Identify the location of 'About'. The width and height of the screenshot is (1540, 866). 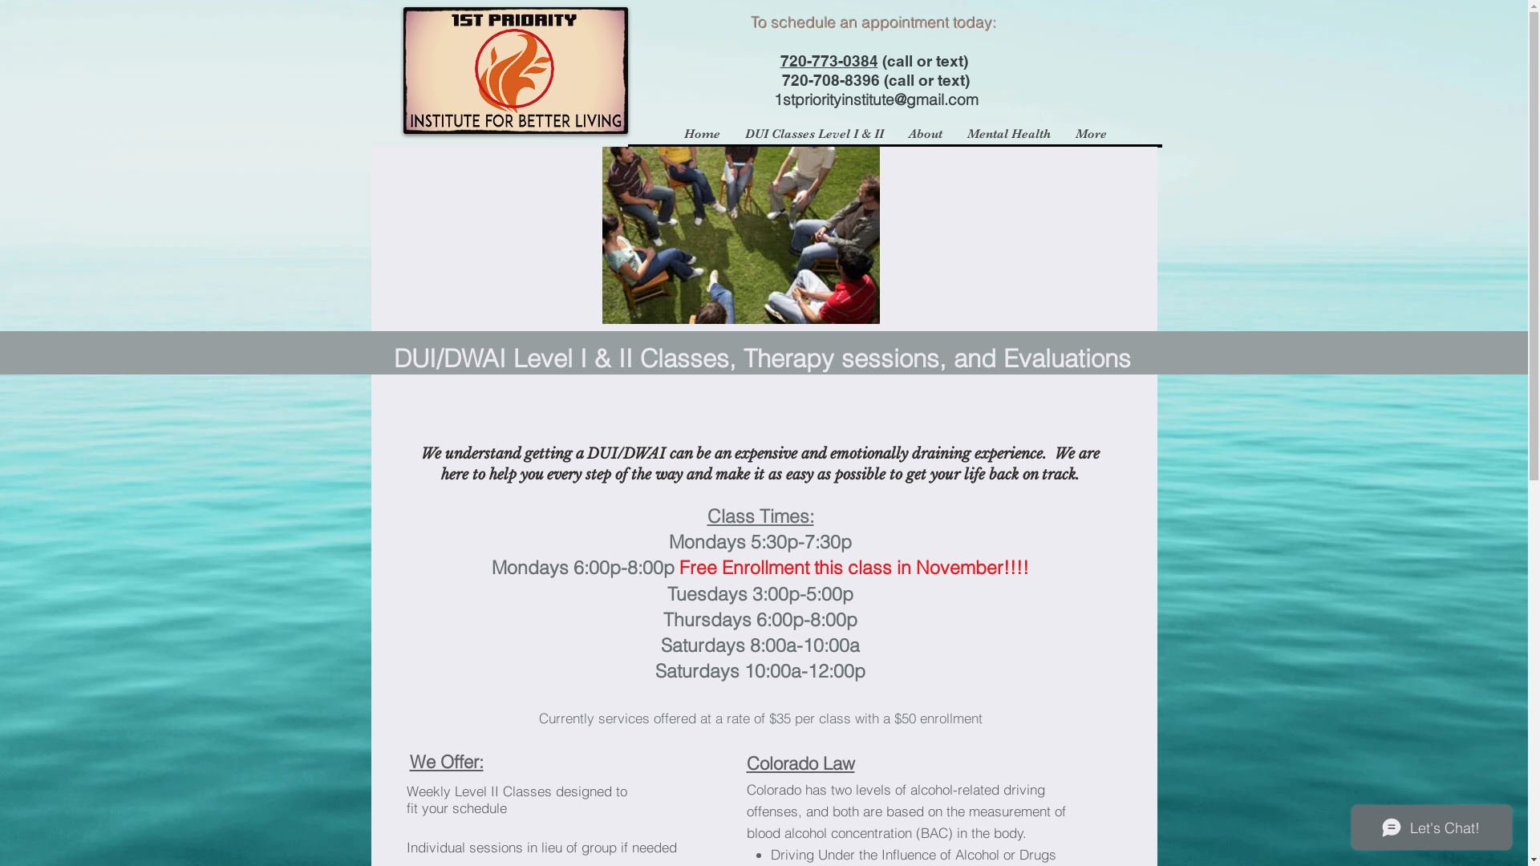
(924, 132).